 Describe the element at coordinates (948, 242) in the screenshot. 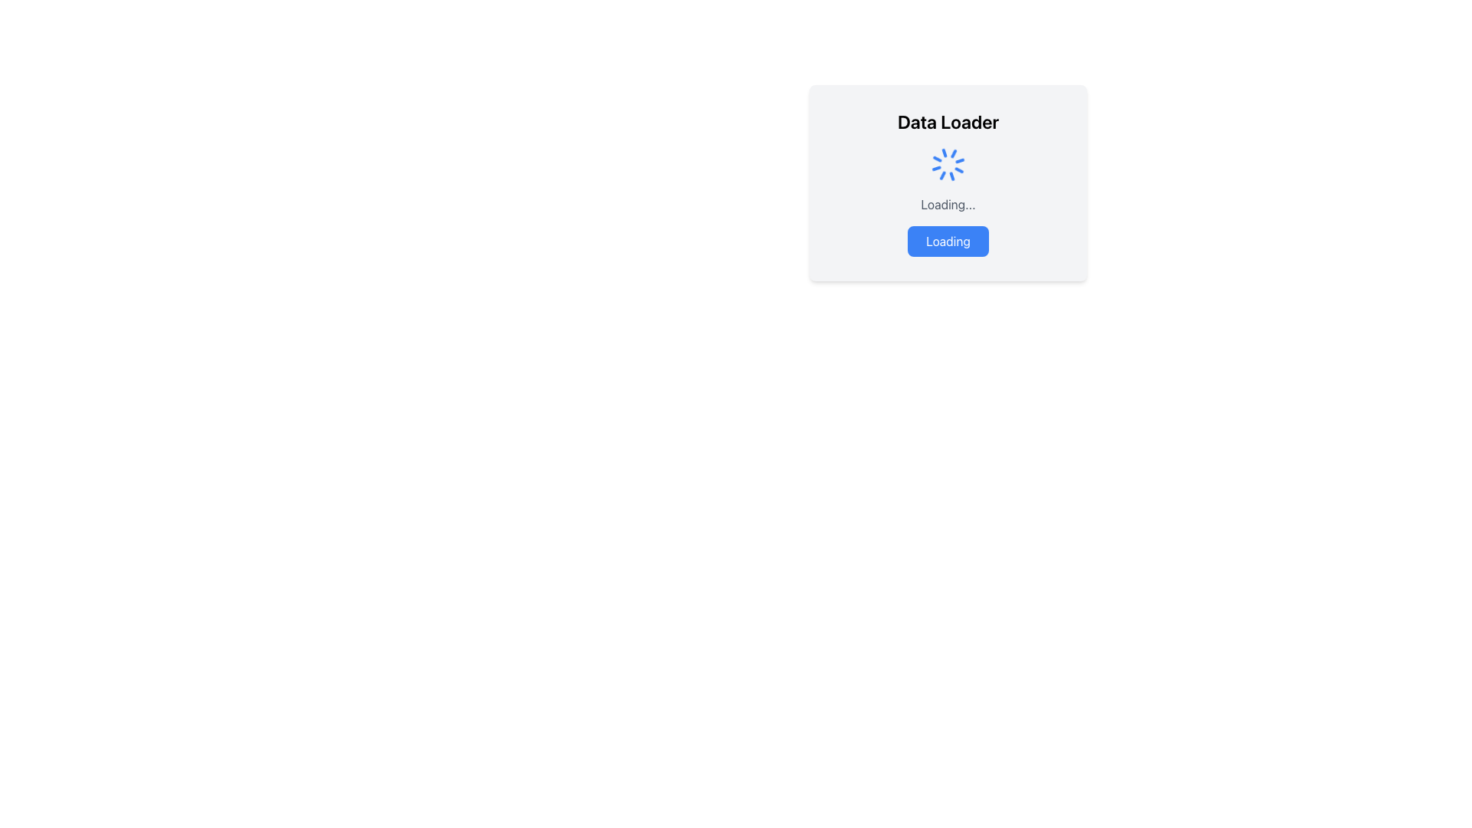

I see `the non-interactive loading indicator button located at the bottom of the card interface, centered horizontally beneath the 'Loading...' text label` at that location.